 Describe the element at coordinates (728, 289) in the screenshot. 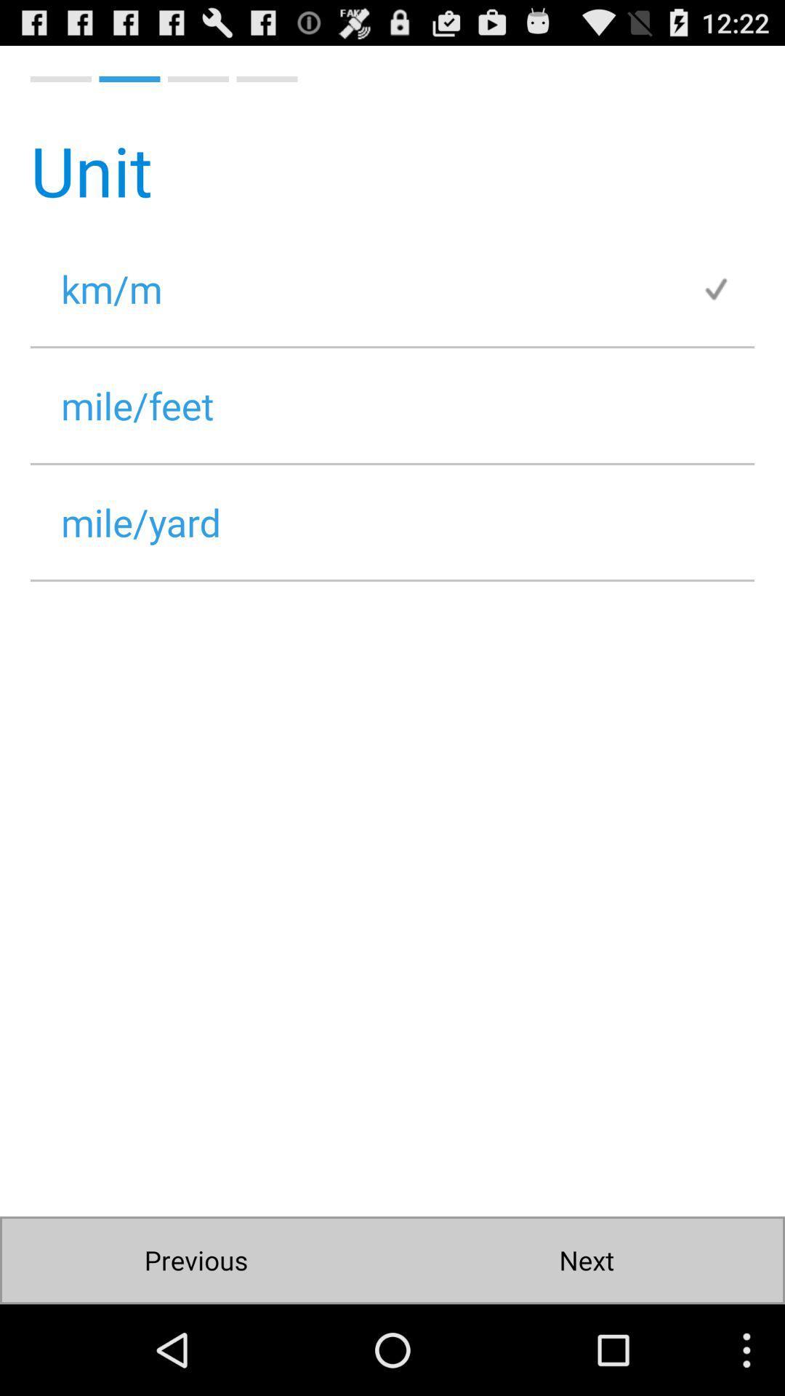

I see `app to the right of the km/m icon` at that location.